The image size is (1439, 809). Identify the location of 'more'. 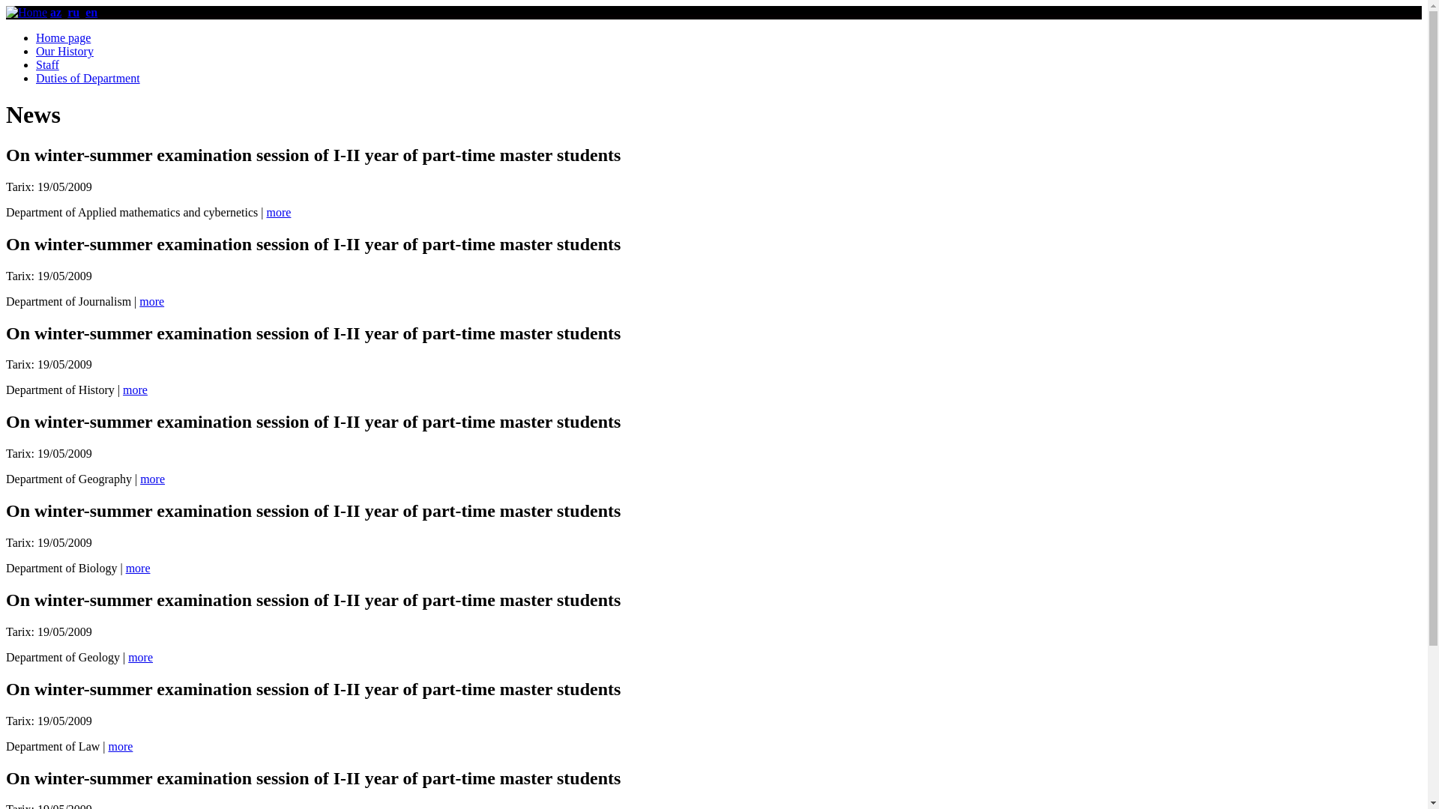
(140, 656).